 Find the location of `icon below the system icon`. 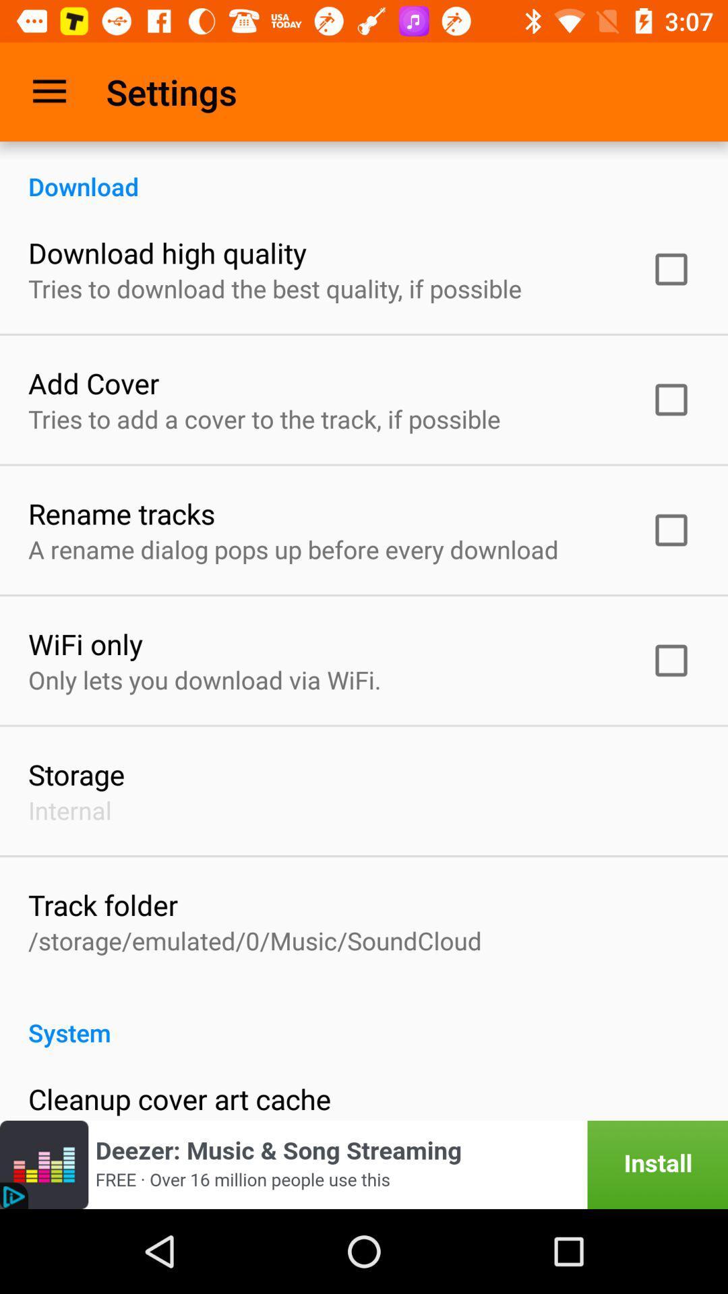

icon below the system icon is located at coordinates (179, 1099).